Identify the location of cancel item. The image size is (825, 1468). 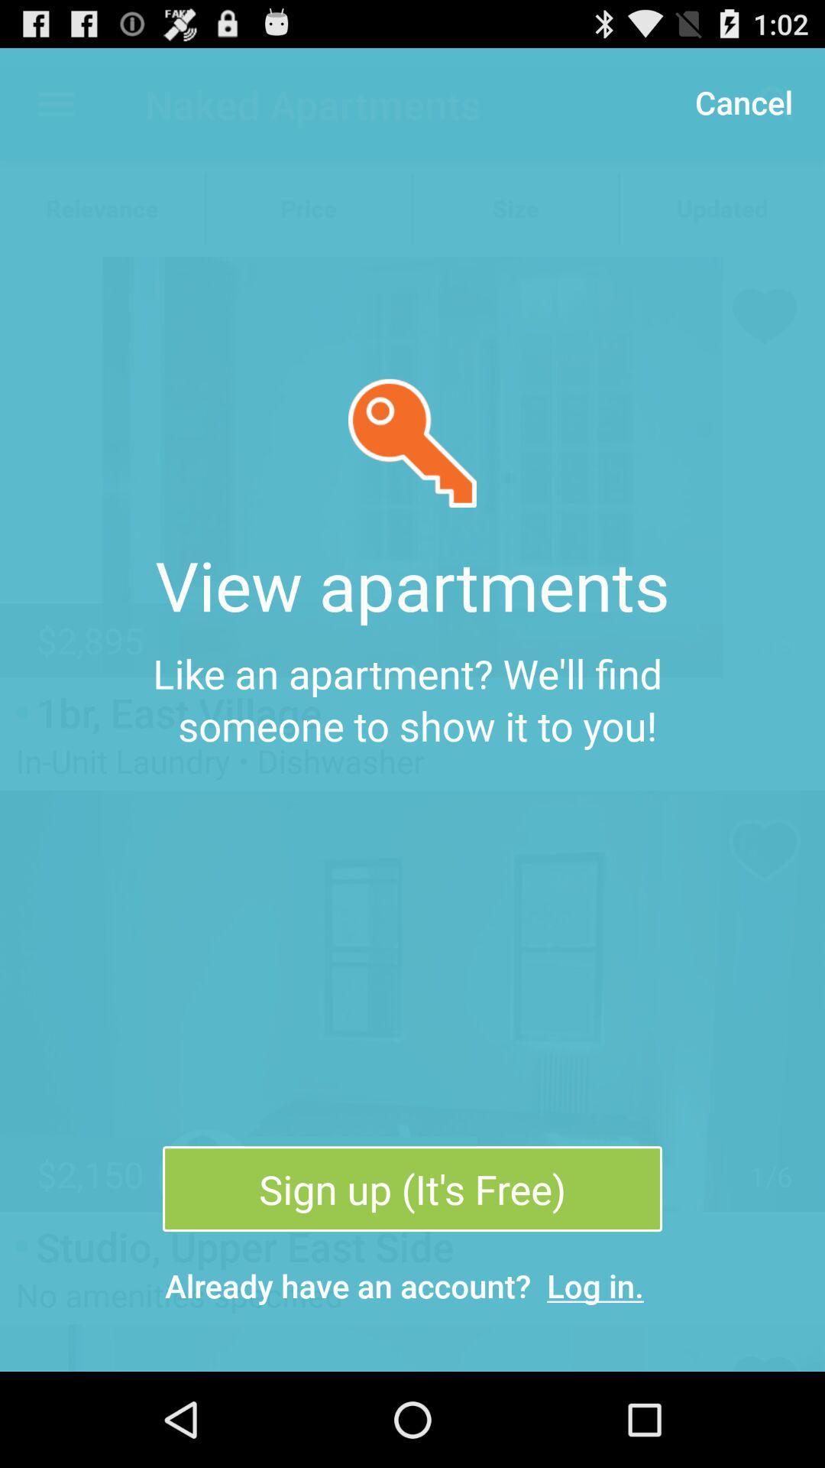
(742, 101).